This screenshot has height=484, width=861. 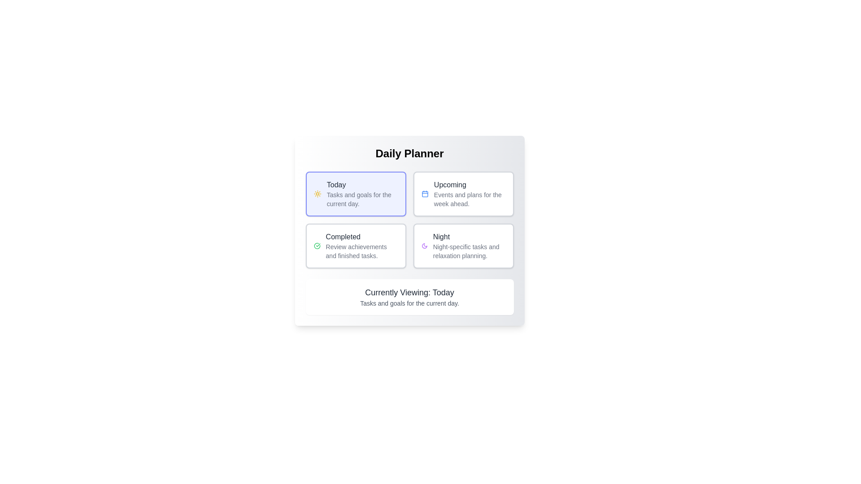 I want to click on the 'Today' category button in the daily planner interface, so click(x=355, y=193).